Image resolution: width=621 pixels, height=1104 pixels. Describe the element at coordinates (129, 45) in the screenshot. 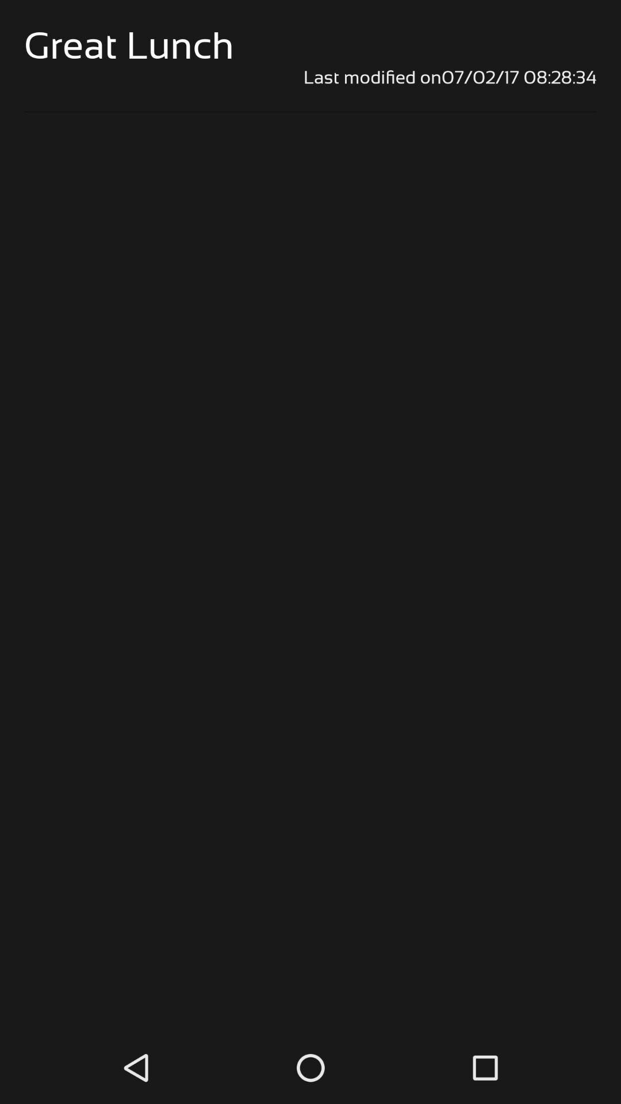

I see `item above the last modified on07` at that location.